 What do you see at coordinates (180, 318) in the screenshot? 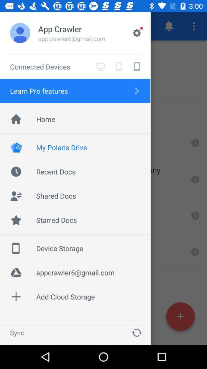
I see `the add icon` at bounding box center [180, 318].